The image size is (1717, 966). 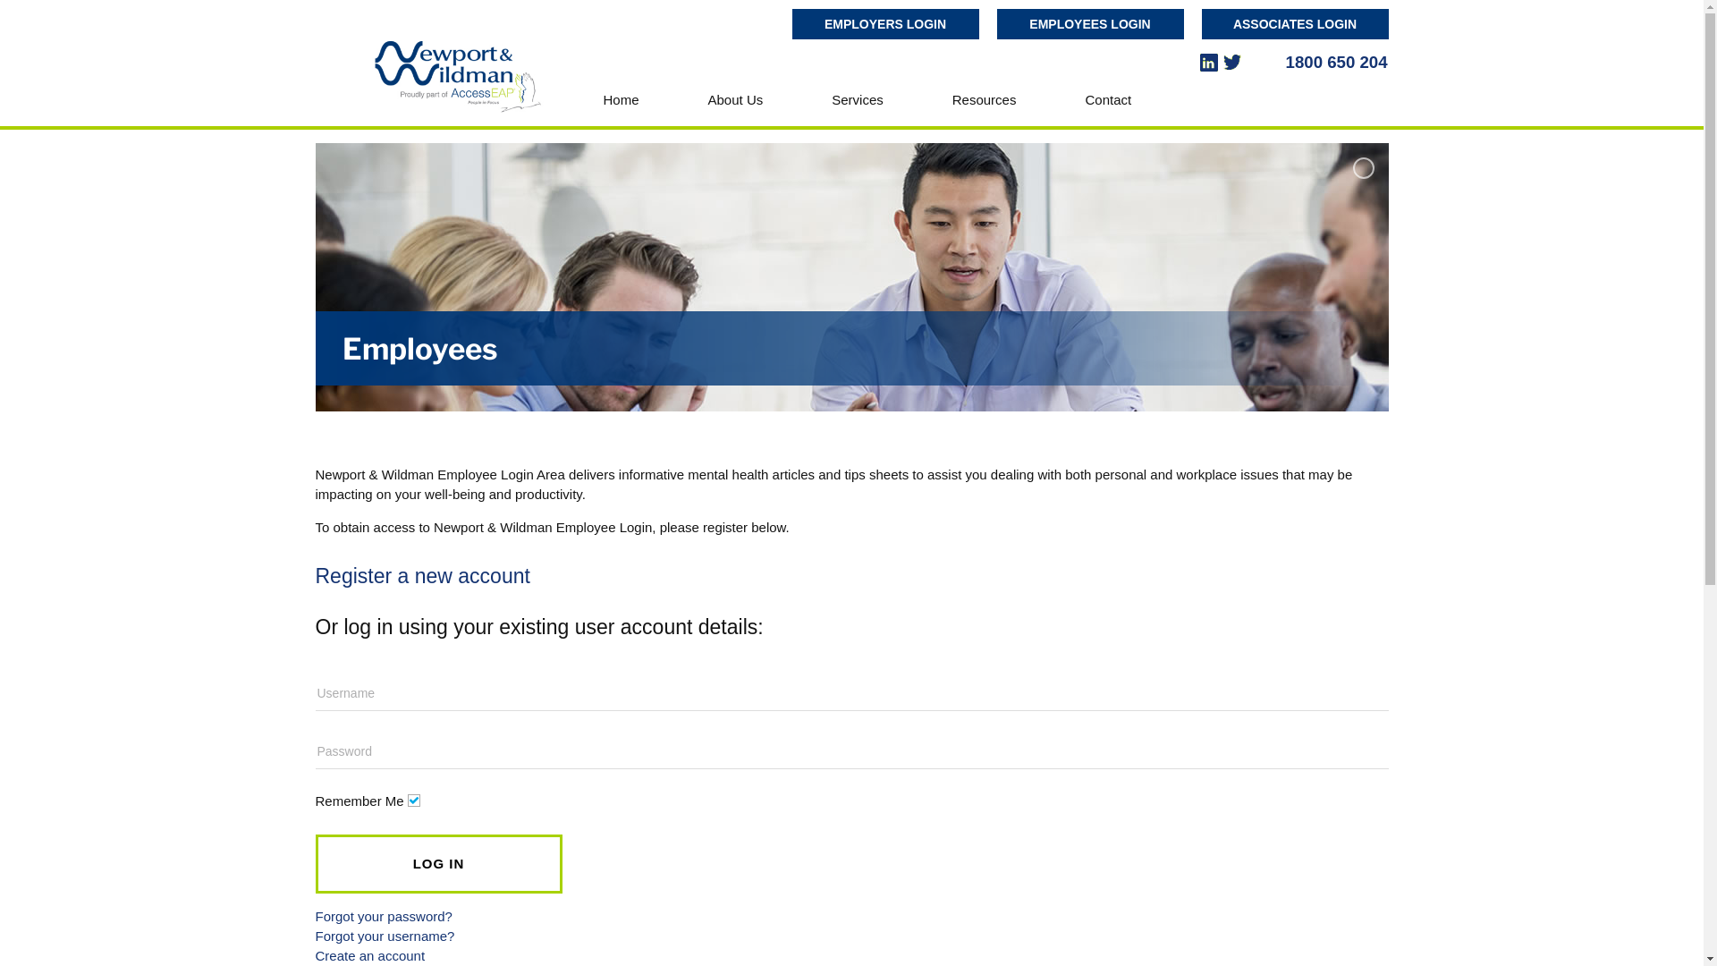 I want to click on 'Forgot your password?', so click(x=382, y=916).